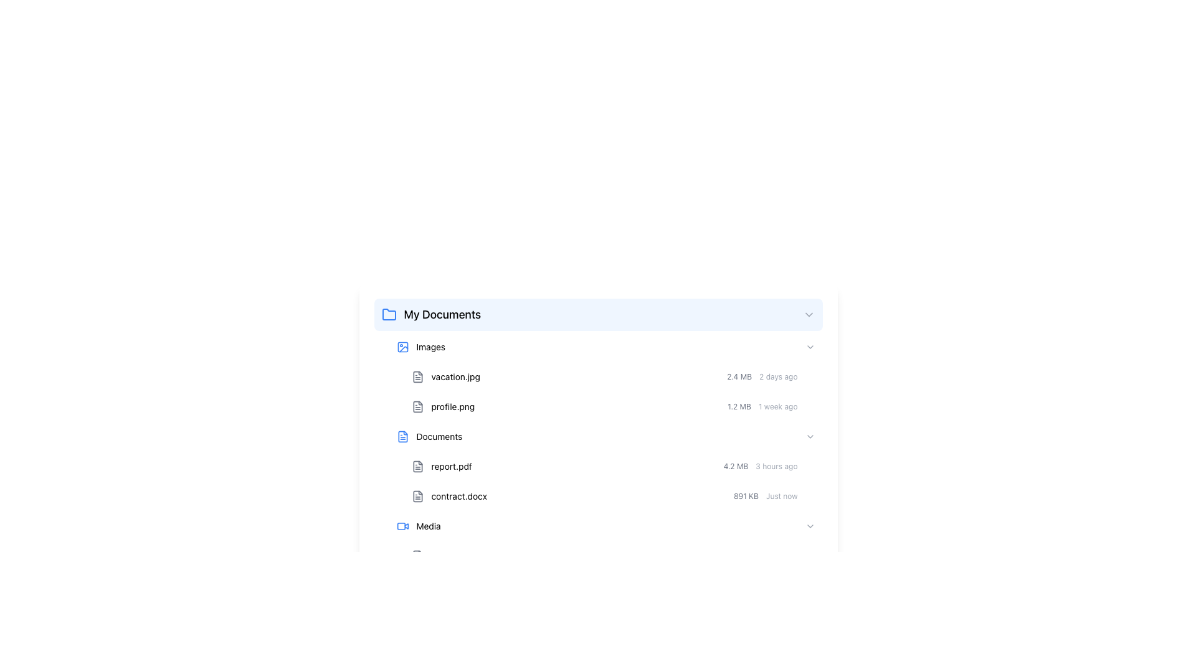  I want to click on the 'Images' text label, which is styled with a smaller font size and located adjacent to an image icon under the 'My Documents' header, so click(430, 347).